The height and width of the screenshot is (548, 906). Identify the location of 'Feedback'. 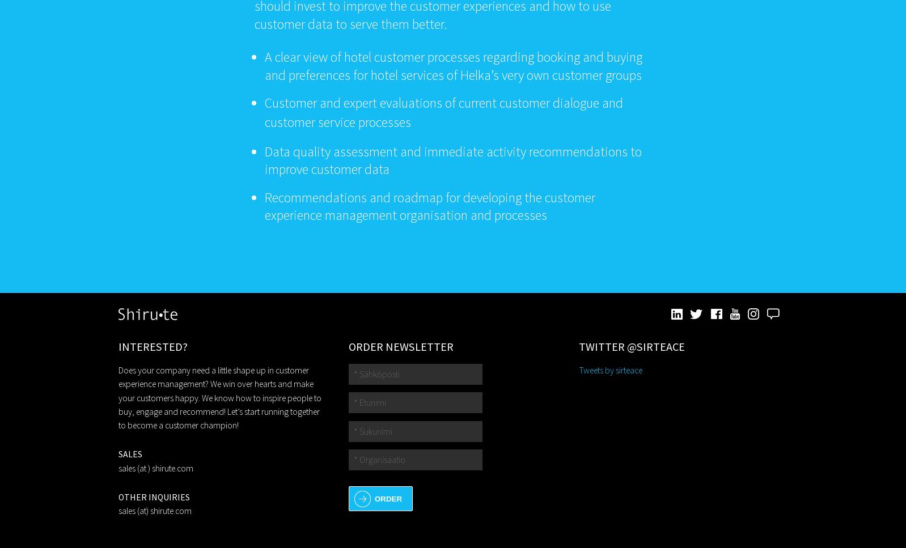
(780, 315).